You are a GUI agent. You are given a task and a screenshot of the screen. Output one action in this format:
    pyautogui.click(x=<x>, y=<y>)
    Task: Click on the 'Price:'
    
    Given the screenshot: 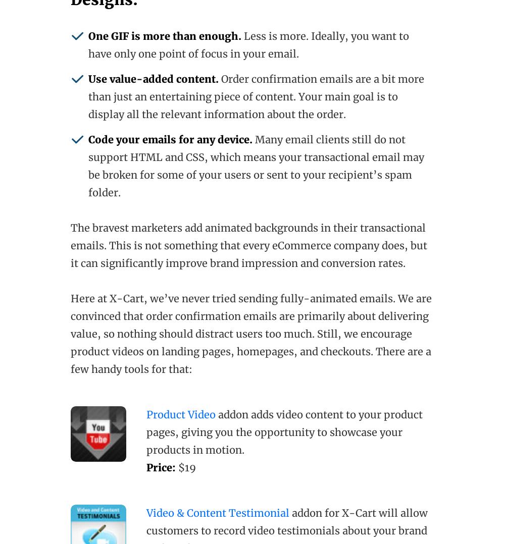 What is the action you would take?
    pyautogui.click(x=146, y=466)
    